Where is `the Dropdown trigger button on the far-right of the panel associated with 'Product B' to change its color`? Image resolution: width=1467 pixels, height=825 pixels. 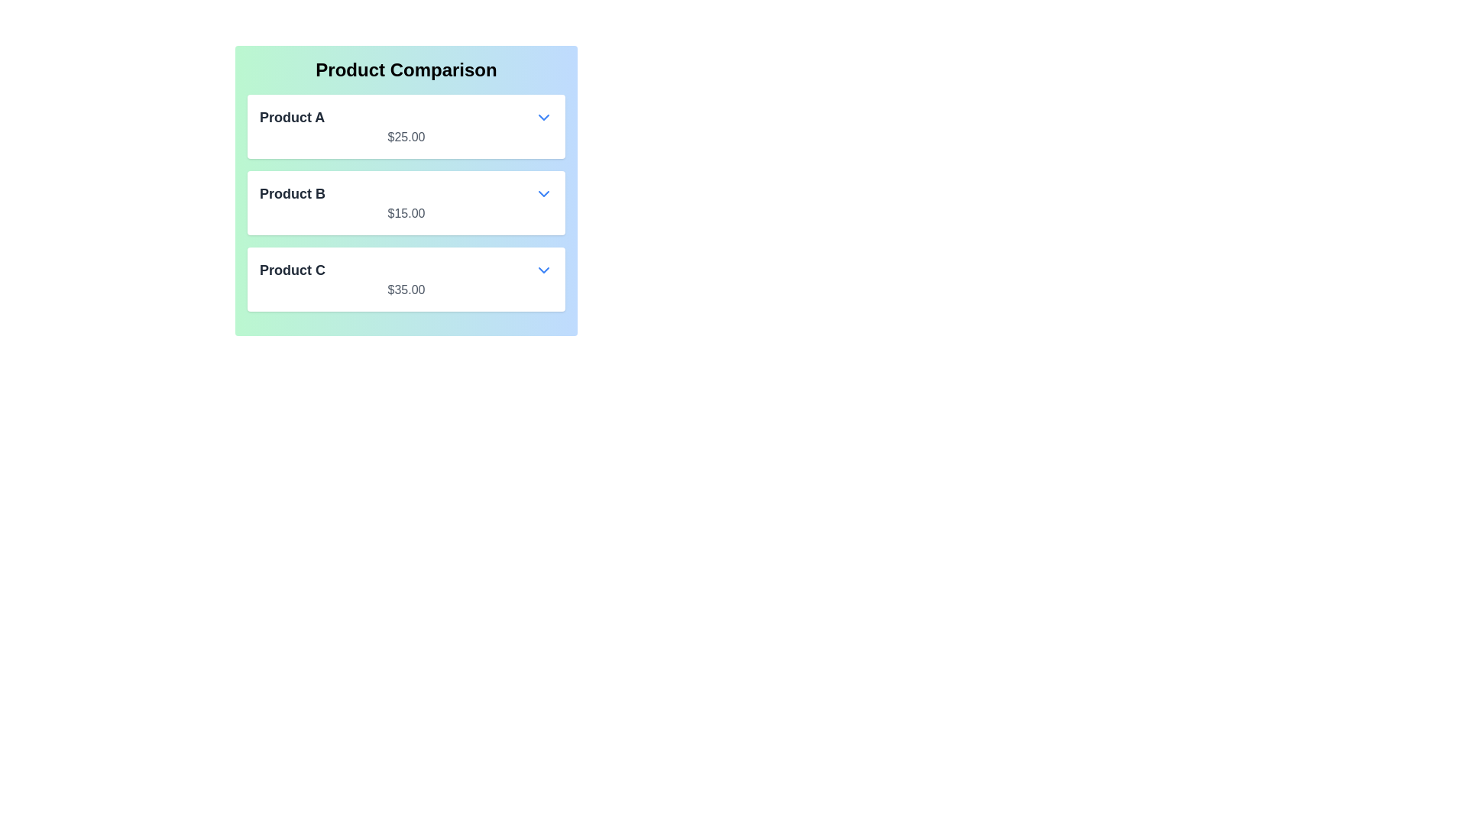 the Dropdown trigger button on the far-right of the panel associated with 'Product B' to change its color is located at coordinates (543, 193).